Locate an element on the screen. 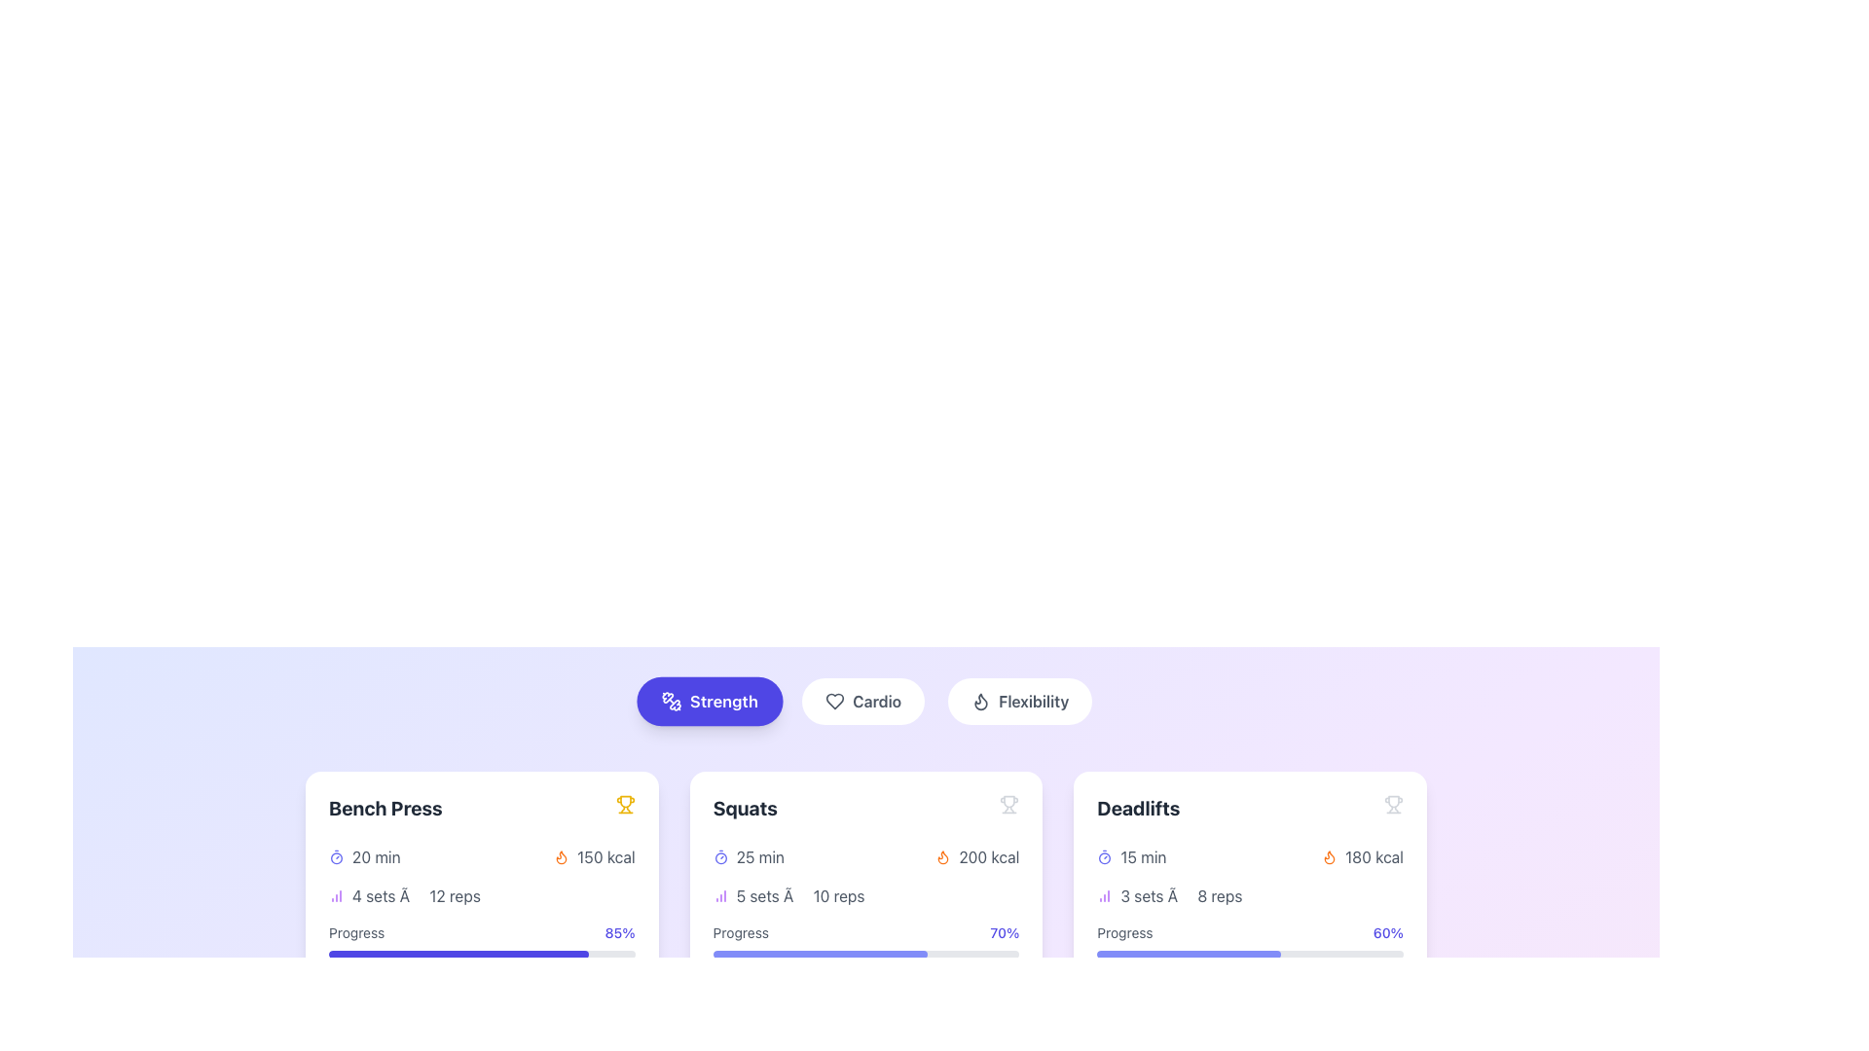 Image resolution: width=1869 pixels, height=1051 pixels. the small purple column chart icon located to the left of the text '4 sets × 12 reps' is located at coordinates (336, 896).